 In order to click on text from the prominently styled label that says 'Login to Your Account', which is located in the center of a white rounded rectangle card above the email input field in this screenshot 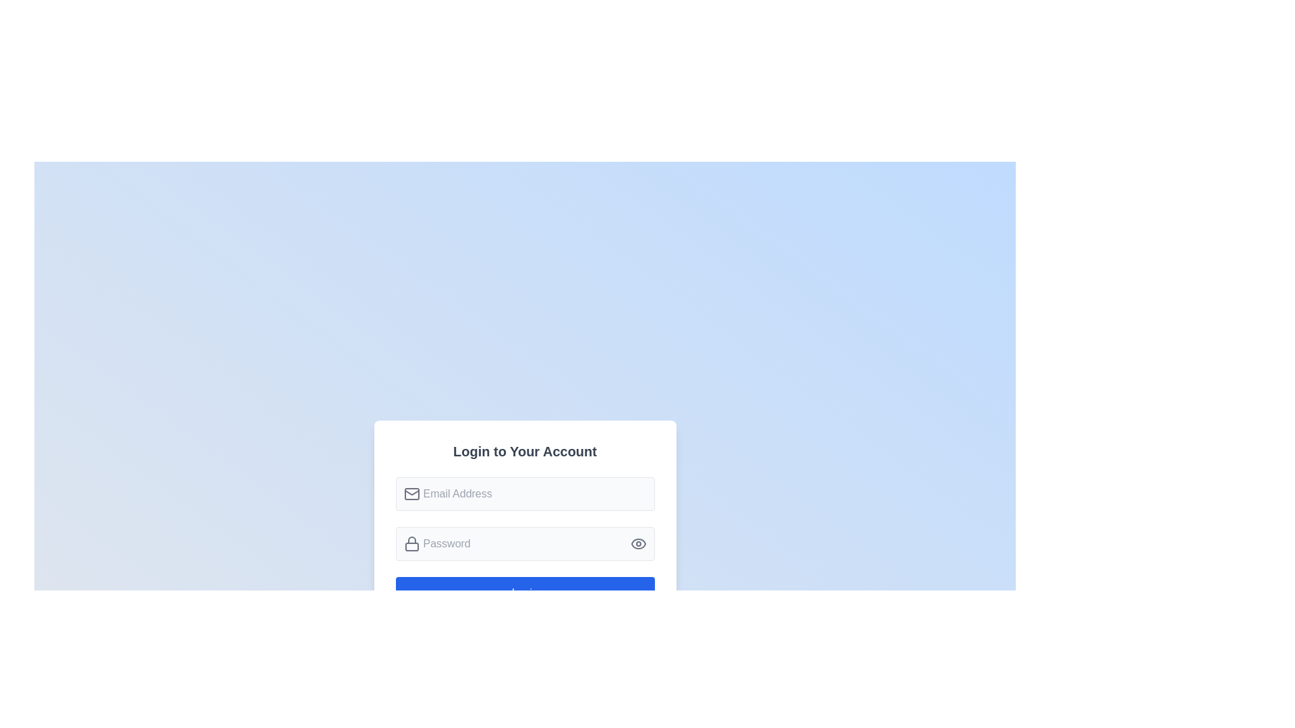, I will do `click(524, 452)`.